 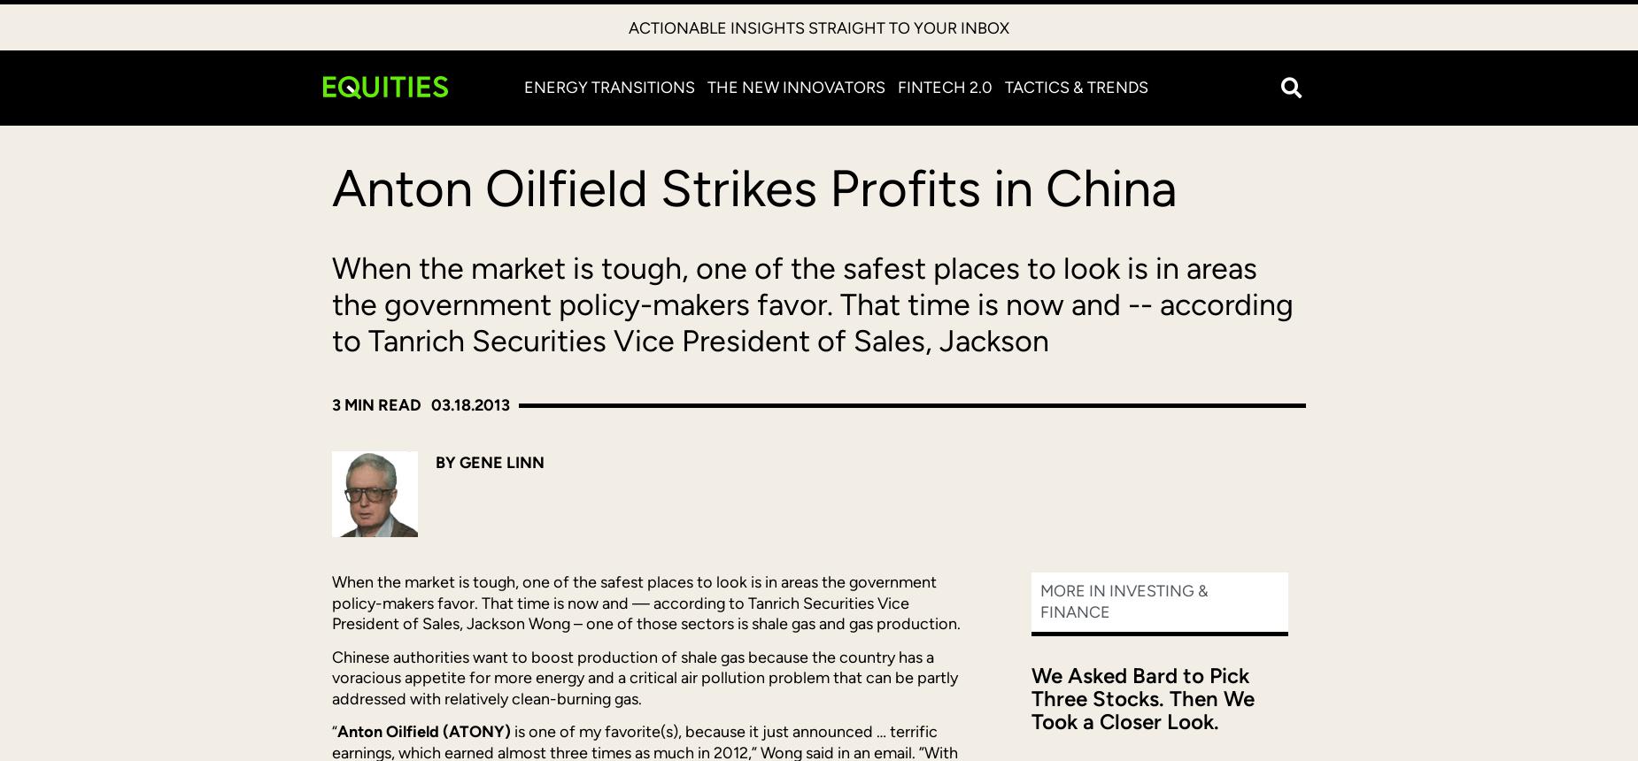 I want to click on 'By Gene Linn', so click(x=435, y=461).